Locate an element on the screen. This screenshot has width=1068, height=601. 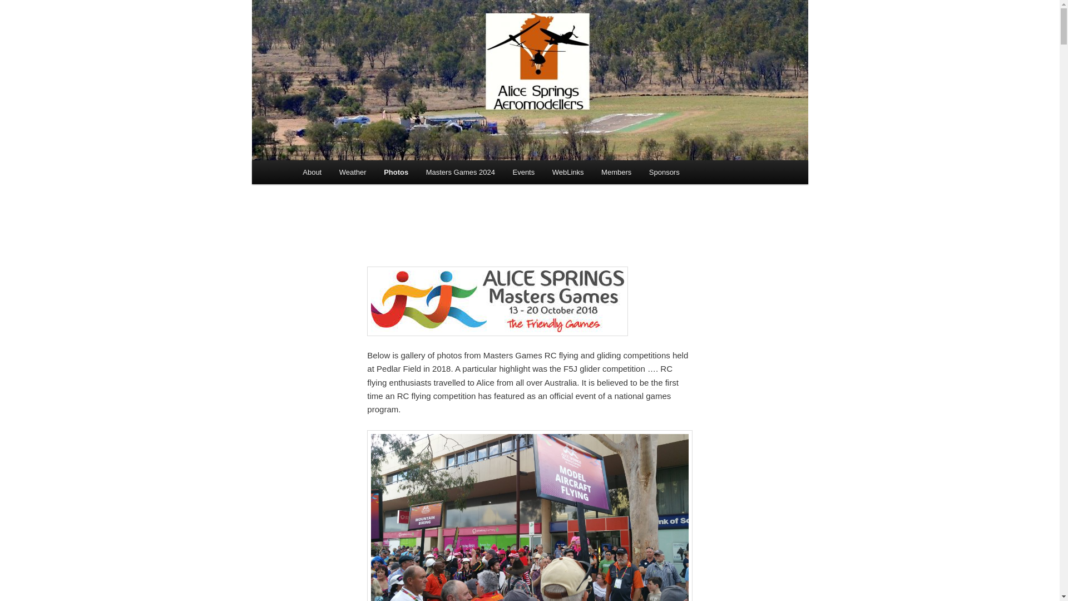
'Sponsors' is located at coordinates (664, 172).